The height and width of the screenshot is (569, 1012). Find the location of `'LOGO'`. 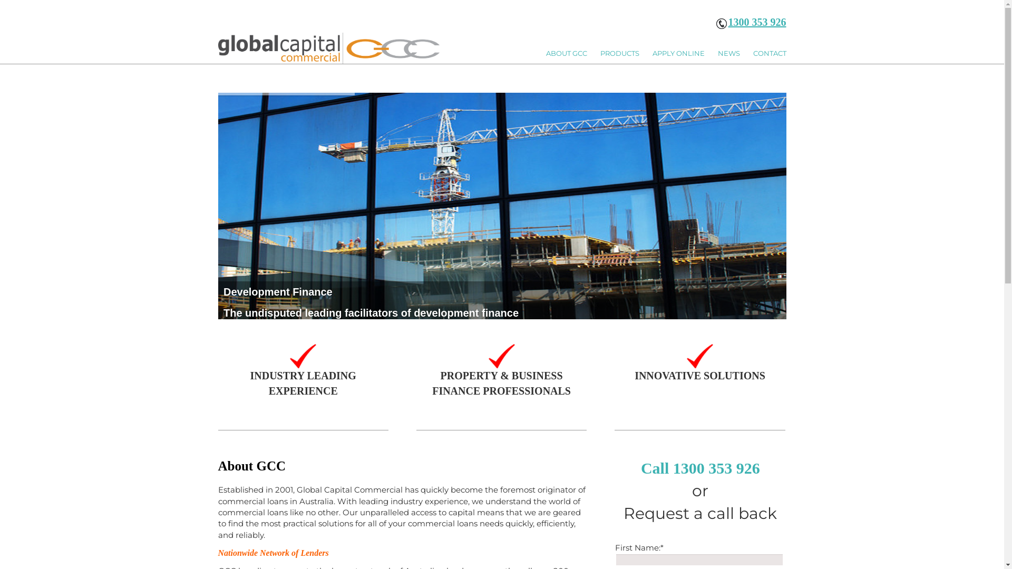

'LOGO' is located at coordinates (328, 48).